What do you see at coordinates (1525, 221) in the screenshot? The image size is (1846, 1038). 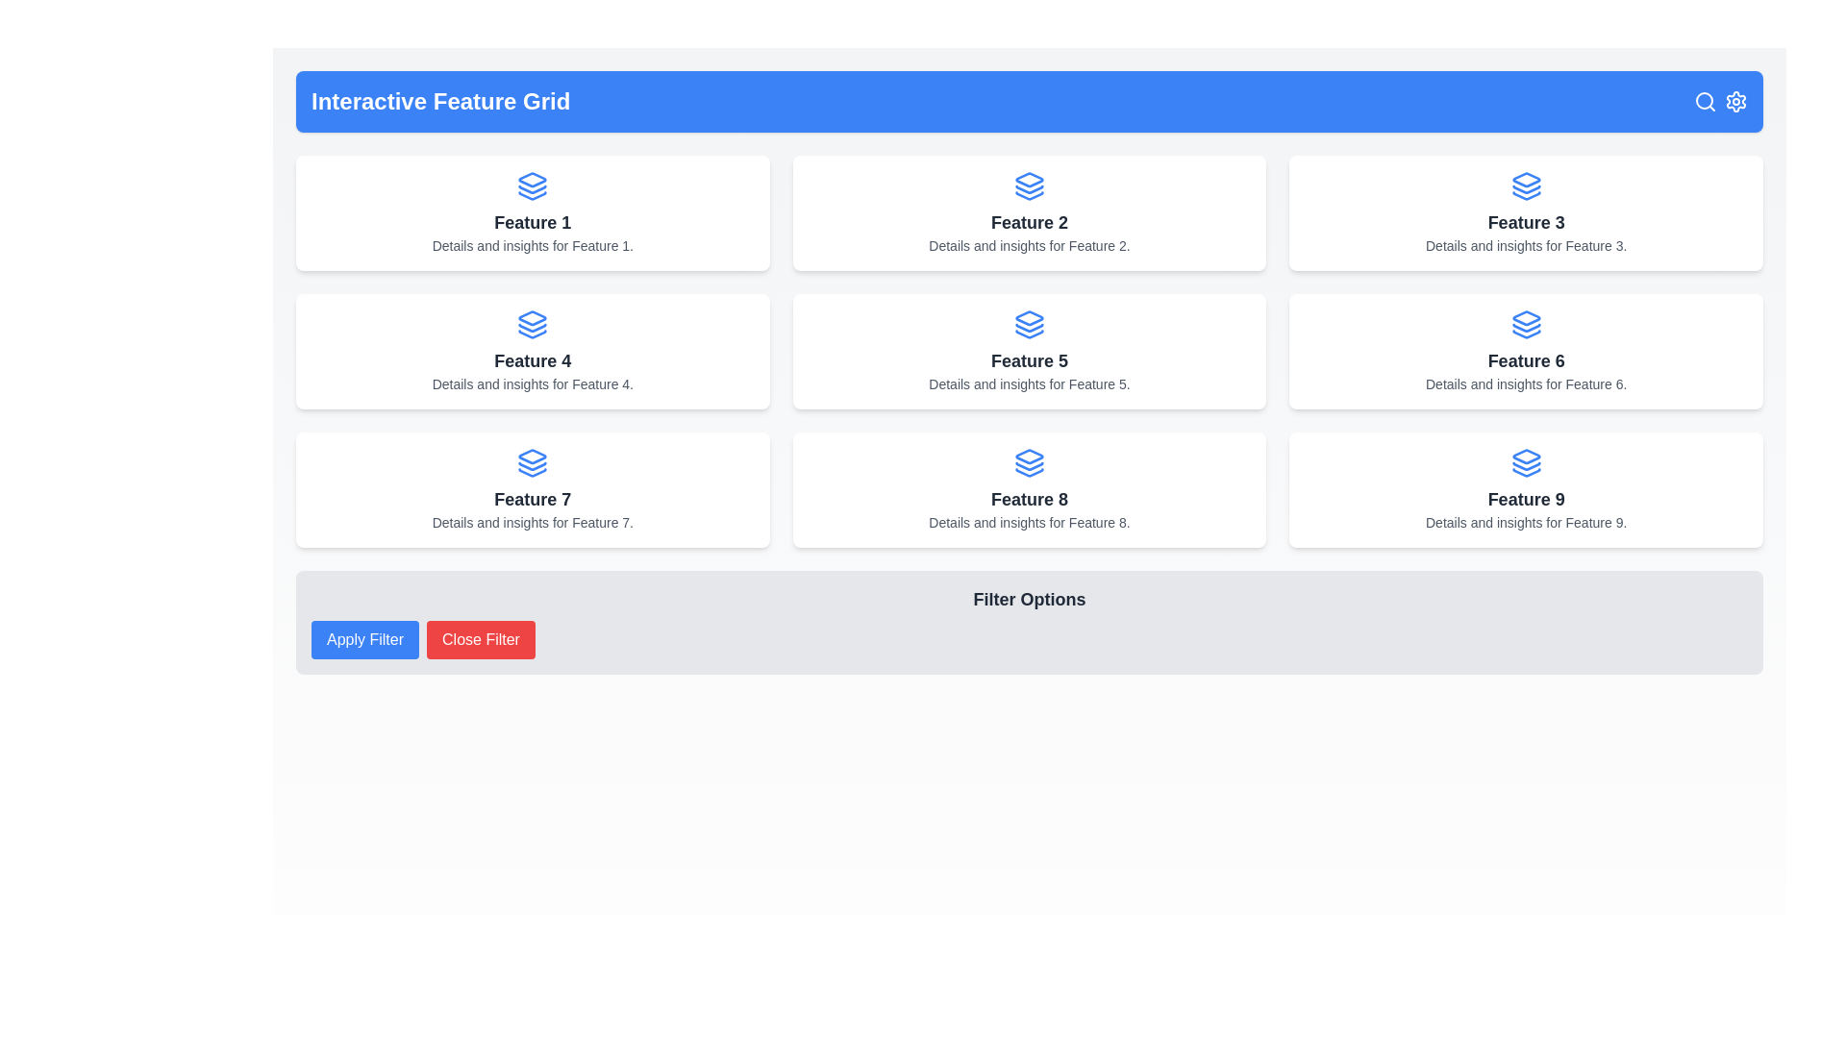 I see `the text label displaying 'Feature 3' in bold, large font size, located in the middle section of the second row in a 3x3 grid of feature cards` at bounding box center [1525, 221].